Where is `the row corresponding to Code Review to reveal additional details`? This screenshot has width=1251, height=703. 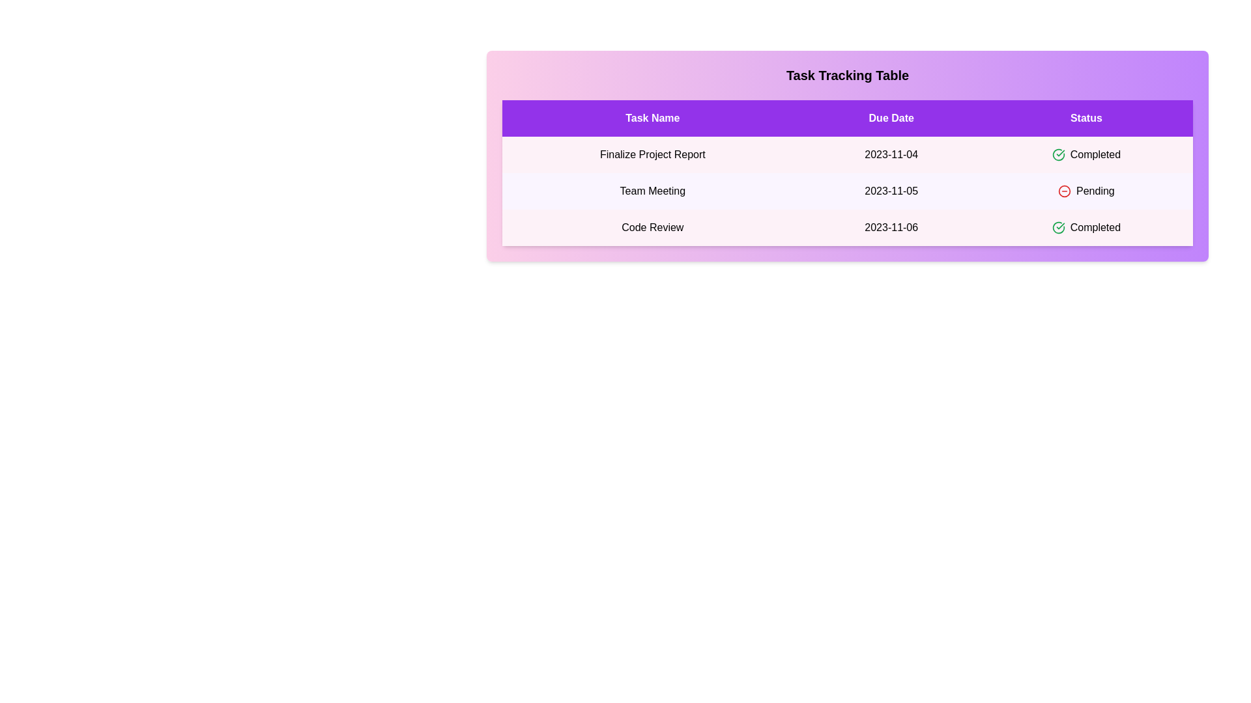 the row corresponding to Code Review to reveal additional details is located at coordinates (847, 227).